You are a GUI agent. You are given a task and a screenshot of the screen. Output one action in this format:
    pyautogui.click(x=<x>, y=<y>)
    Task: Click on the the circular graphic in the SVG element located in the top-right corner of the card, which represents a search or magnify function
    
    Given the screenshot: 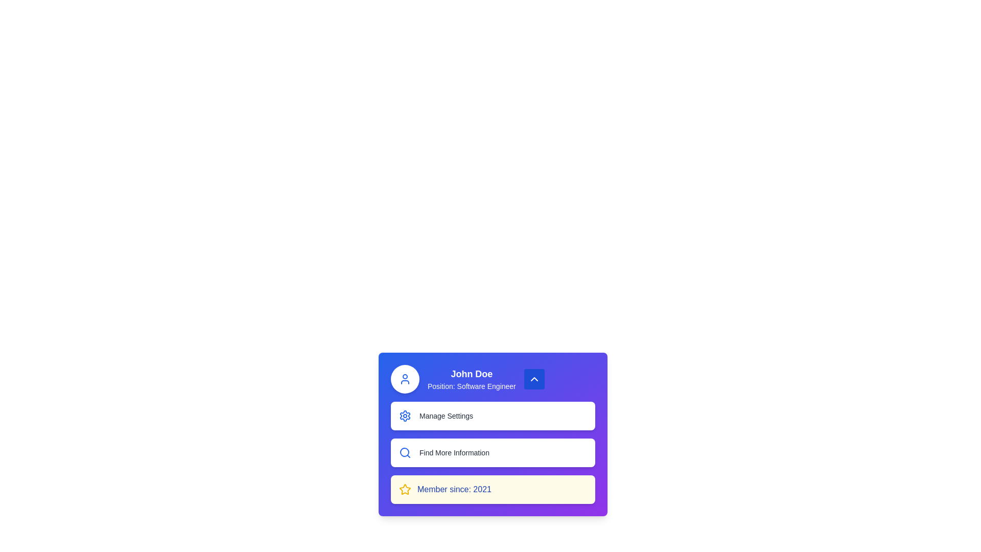 What is the action you would take?
    pyautogui.click(x=404, y=451)
    